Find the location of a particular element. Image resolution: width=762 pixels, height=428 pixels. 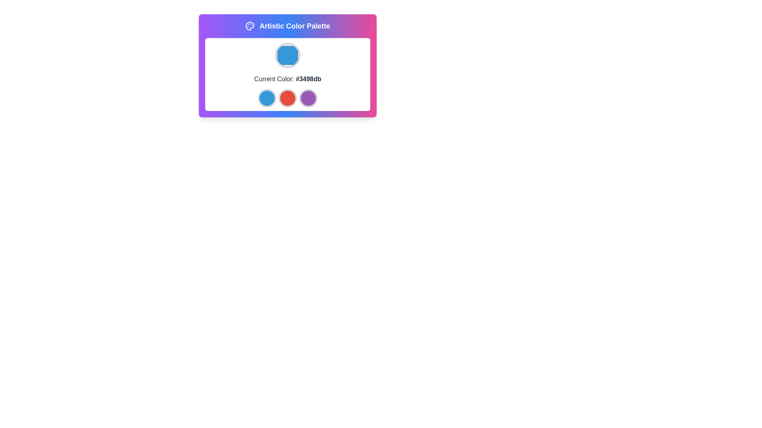

the leftmost circular button with a blue fill and gray border is located at coordinates (267, 97).